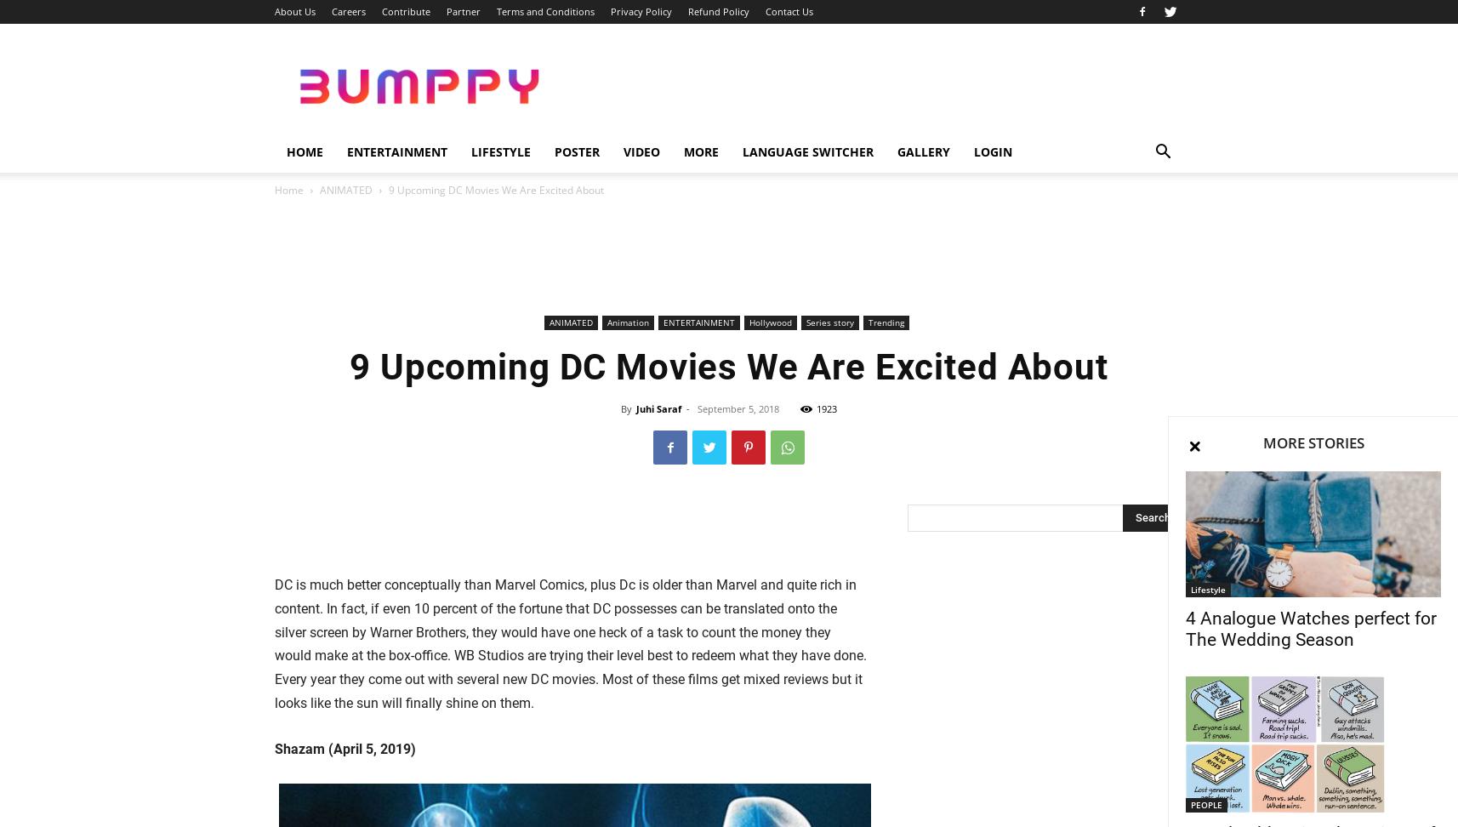  What do you see at coordinates (686, 408) in the screenshot?
I see `'-'` at bounding box center [686, 408].